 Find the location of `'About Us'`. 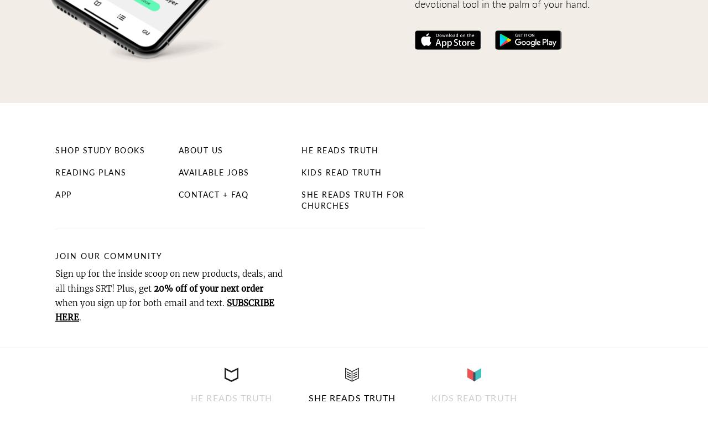

'About Us' is located at coordinates (178, 150).